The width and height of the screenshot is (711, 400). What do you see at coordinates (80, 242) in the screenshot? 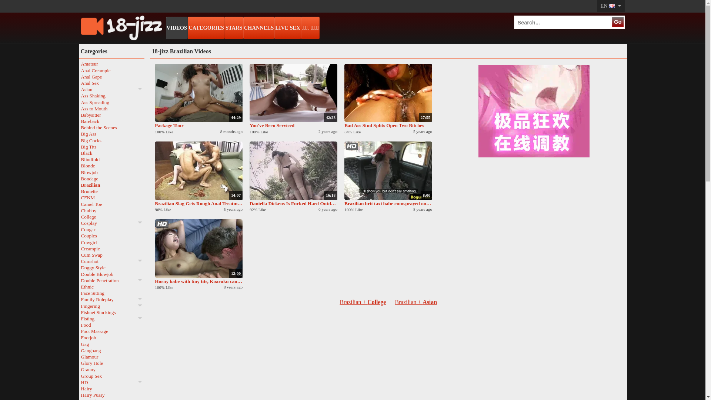
I see `'Cowgirl'` at bounding box center [80, 242].